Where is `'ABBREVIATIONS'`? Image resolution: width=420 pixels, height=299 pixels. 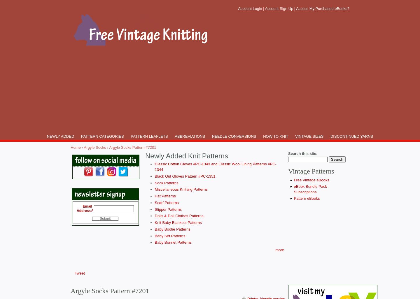 'ABBREVIATIONS' is located at coordinates (190, 136).